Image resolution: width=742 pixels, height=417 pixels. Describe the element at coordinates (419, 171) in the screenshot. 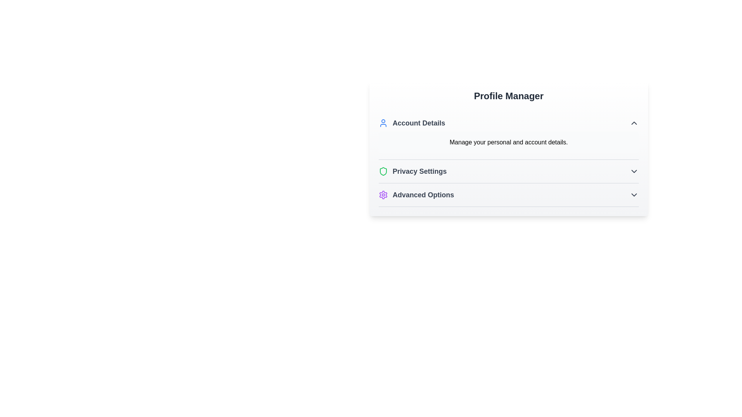

I see `the 'Privacy Settings' text label in the Profile Manager menu` at that location.